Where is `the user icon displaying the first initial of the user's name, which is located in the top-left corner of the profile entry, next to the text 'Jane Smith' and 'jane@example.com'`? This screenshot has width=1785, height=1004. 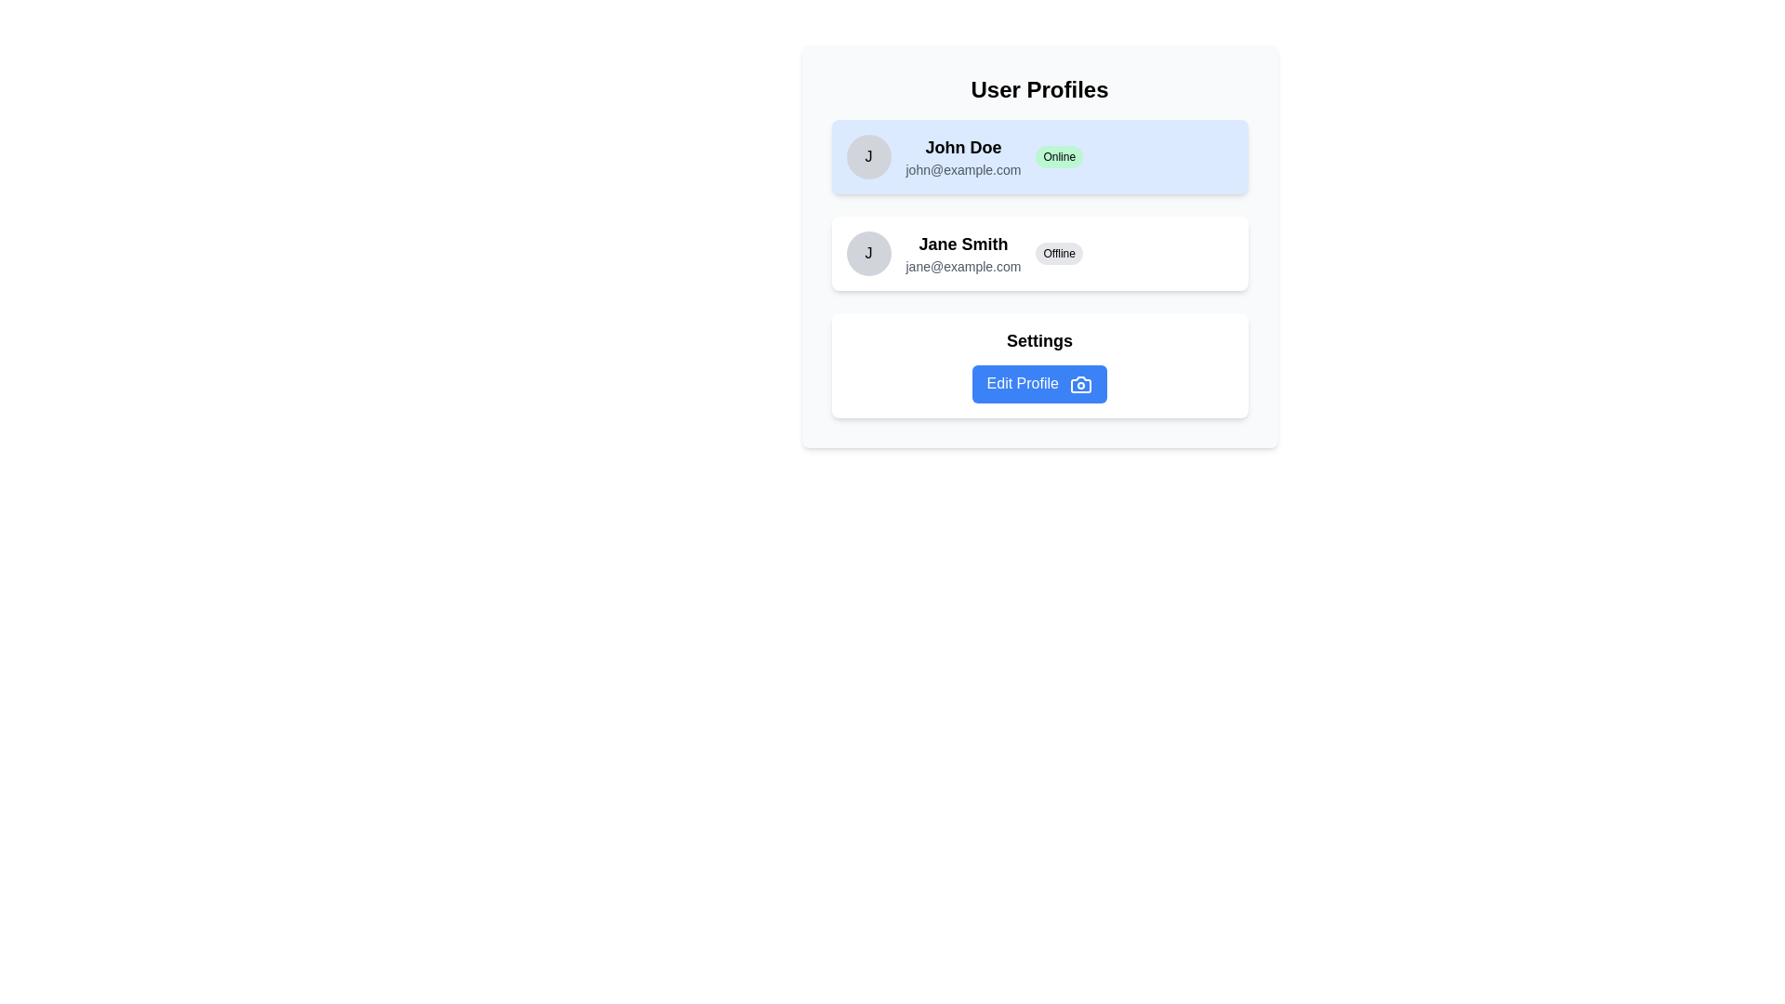
the user icon displaying the first initial of the user's name, which is located in the top-left corner of the profile entry, next to the text 'Jane Smith' and 'jane@example.com' is located at coordinates (867, 254).